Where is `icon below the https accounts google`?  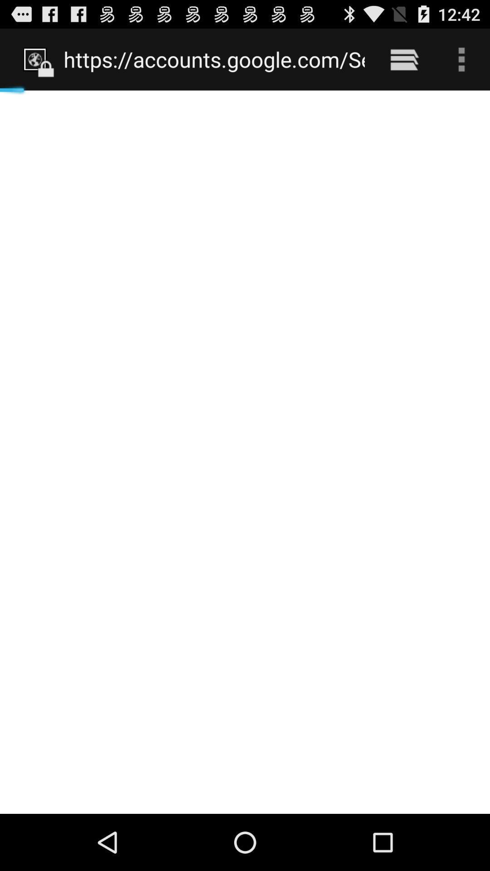
icon below the https accounts google is located at coordinates (245, 452).